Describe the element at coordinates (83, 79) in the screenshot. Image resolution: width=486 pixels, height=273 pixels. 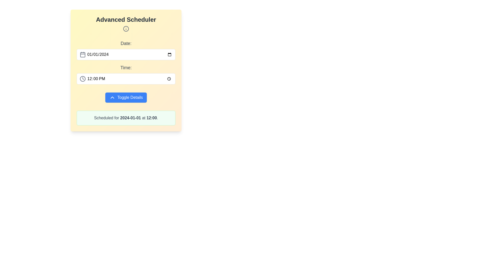
I see `the decorative time selection icon located on the left side inside the 'Time' input box, adjacent to the left margin` at that location.